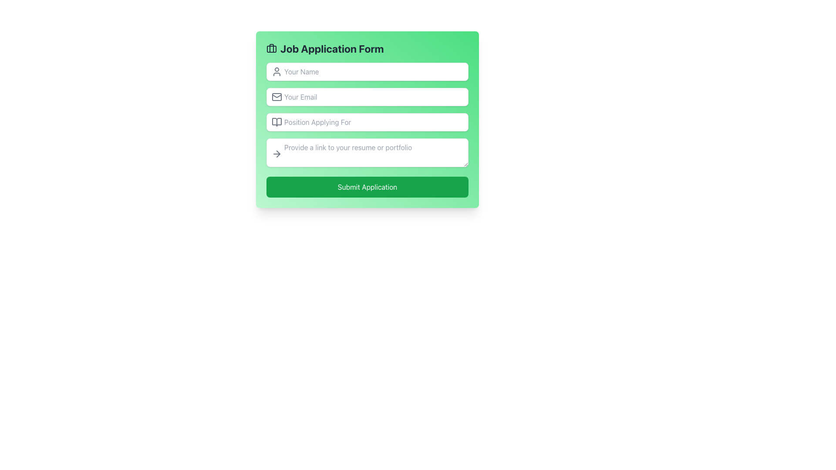 This screenshot has width=836, height=470. I want to click on the text input field labeled 'Position Applying For' to focus on it, so click(367, 130).